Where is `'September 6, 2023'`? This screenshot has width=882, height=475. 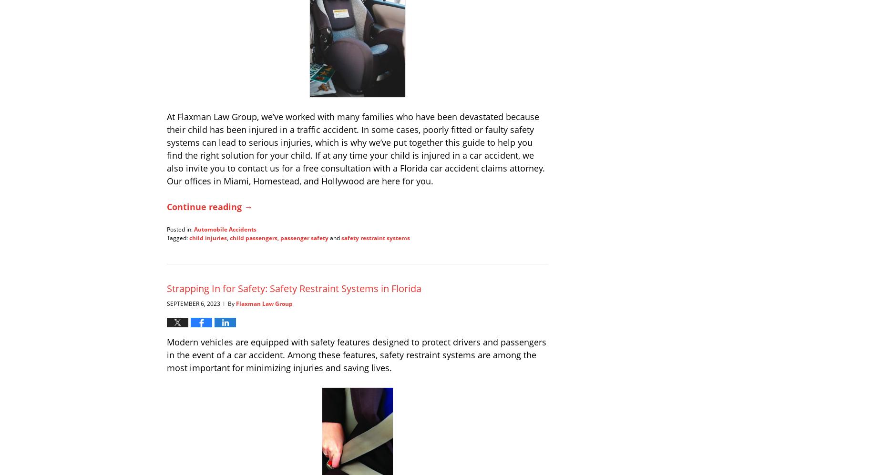 'September 6, 2023' is located at coordinates (193, 303).